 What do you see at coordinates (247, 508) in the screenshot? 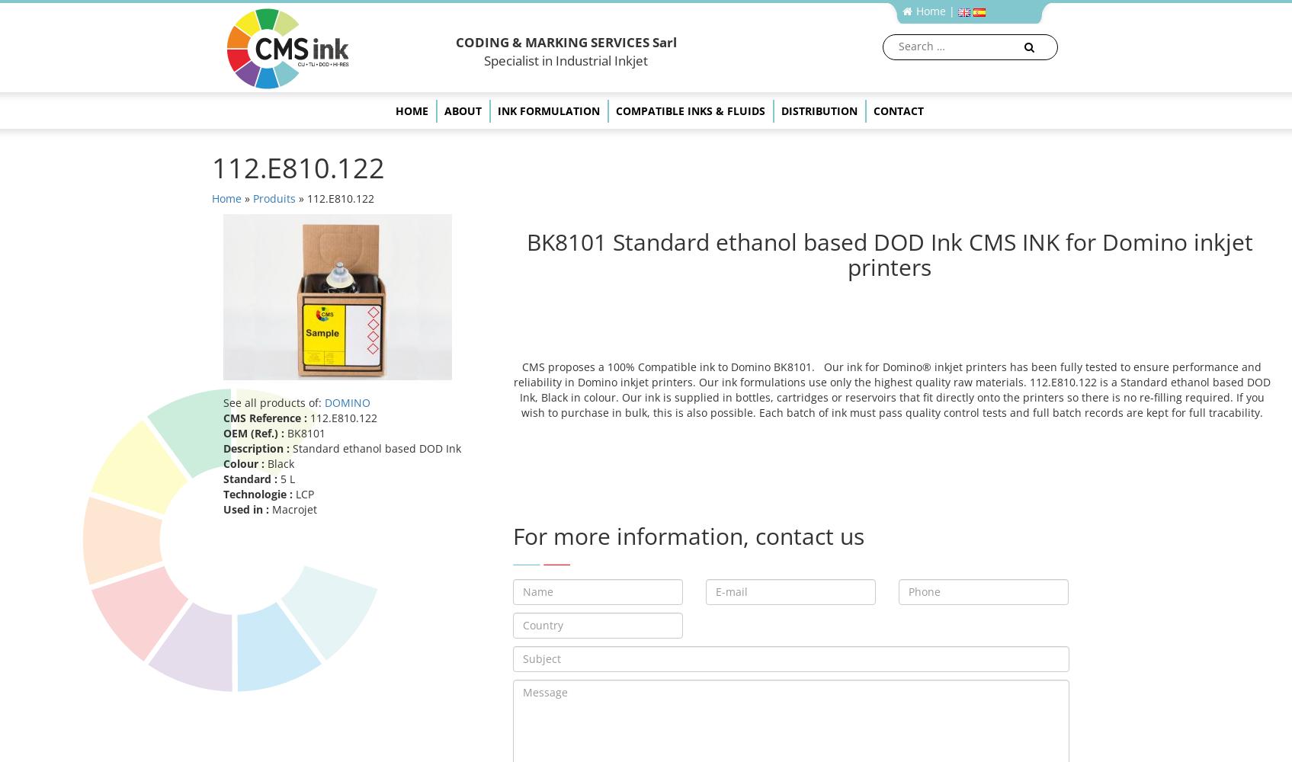
I see `'Used in :'` at bounding box center [247, 508].